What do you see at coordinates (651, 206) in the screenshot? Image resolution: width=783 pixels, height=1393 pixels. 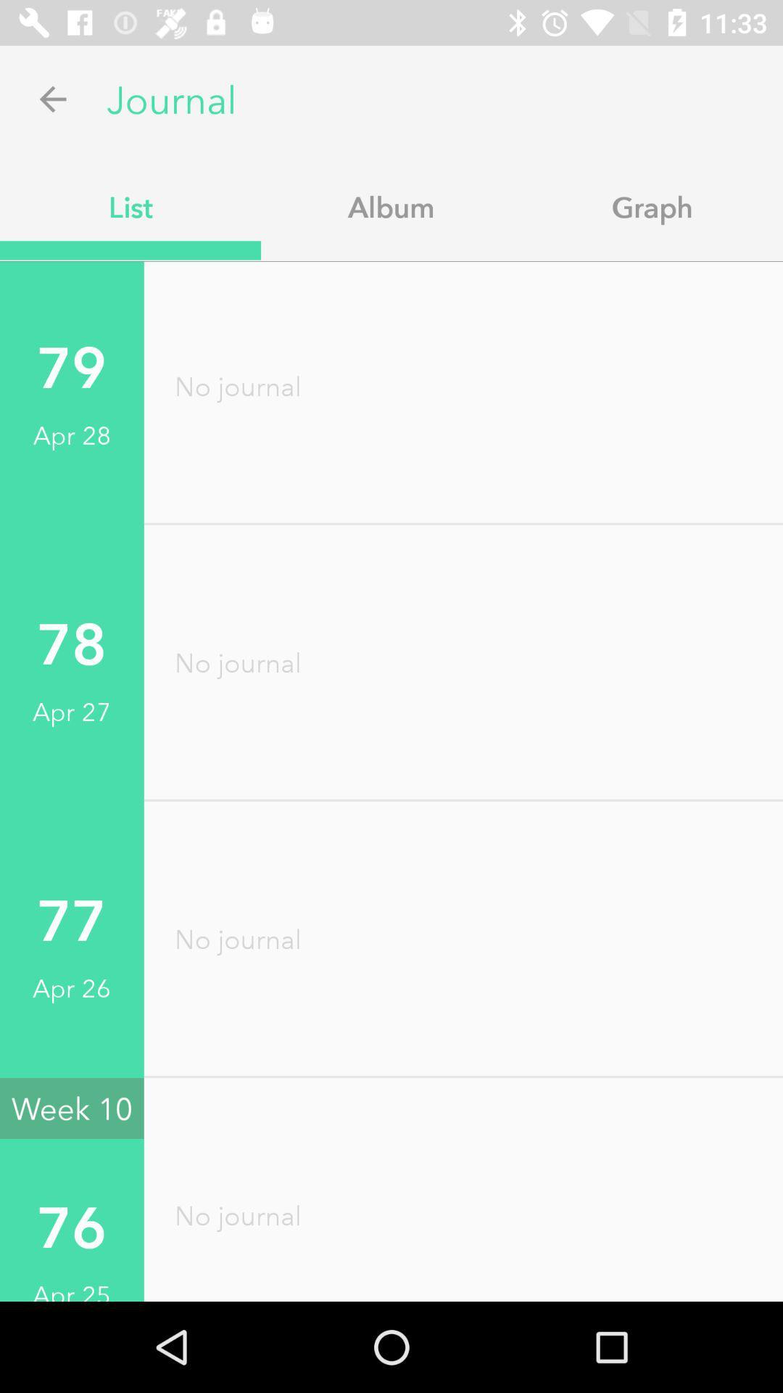 I see `app to the right of the album app` at bounding box center [651, 206].